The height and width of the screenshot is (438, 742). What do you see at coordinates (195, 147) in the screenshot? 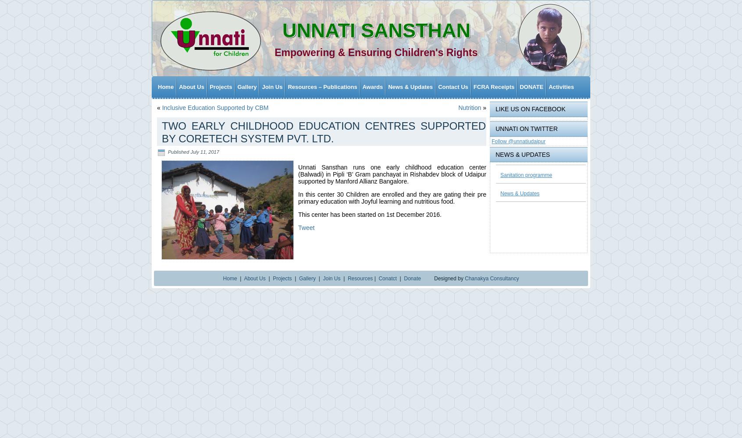
I see `'Child Rights and Child Protection'` at bounding box center [195, 147].